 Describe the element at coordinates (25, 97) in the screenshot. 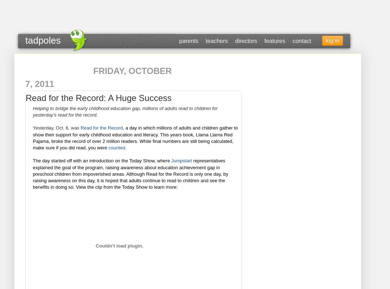

I see `'Read for the Record: A Huge Success'` at that location.